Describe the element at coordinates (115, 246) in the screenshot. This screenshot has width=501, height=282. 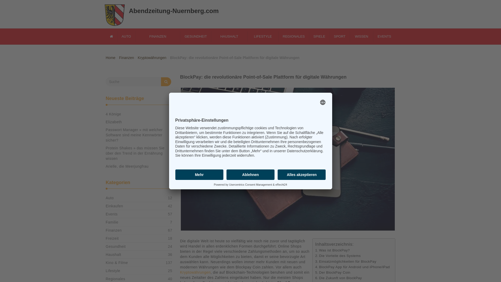
I see `'Gesundheit` at that location.